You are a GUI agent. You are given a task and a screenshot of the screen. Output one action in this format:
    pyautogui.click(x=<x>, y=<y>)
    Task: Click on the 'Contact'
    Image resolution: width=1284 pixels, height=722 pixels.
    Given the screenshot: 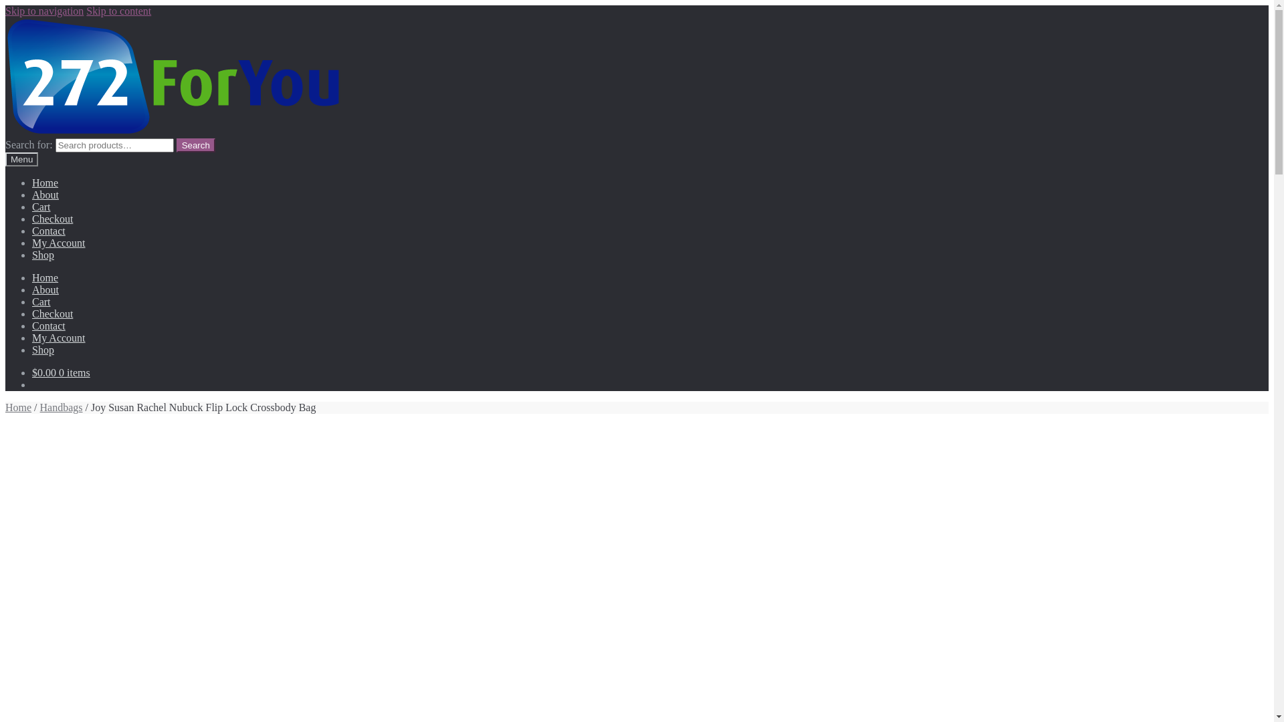 What is the action you would take?
    pyautogui.click(x=48, y=230)
    